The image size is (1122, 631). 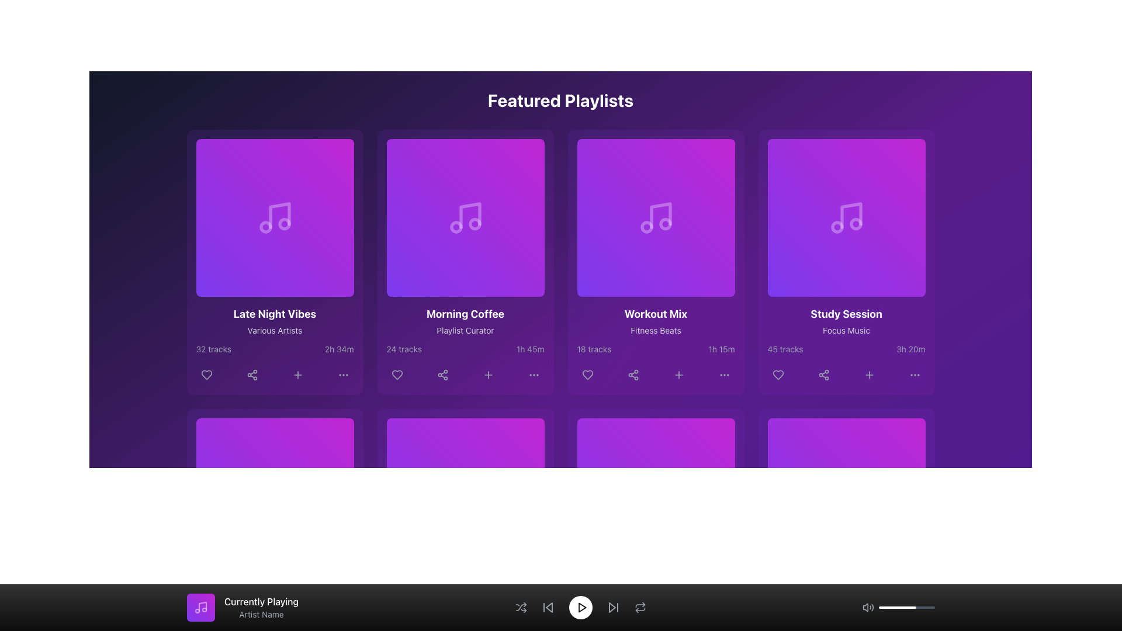 What do you see at coordinates (466, 497) in the screenshot?
I see `the play button located centrally in the bottom control bar` at bounding box center [466, 497].